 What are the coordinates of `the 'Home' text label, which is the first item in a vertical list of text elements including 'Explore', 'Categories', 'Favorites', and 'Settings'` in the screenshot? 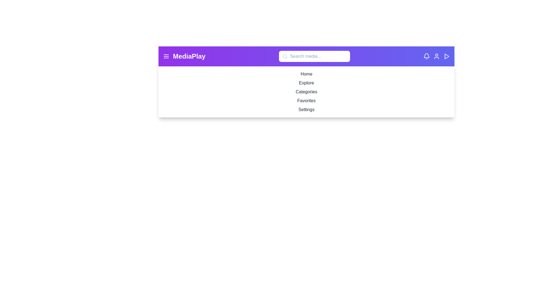 It's located at (306, 74).